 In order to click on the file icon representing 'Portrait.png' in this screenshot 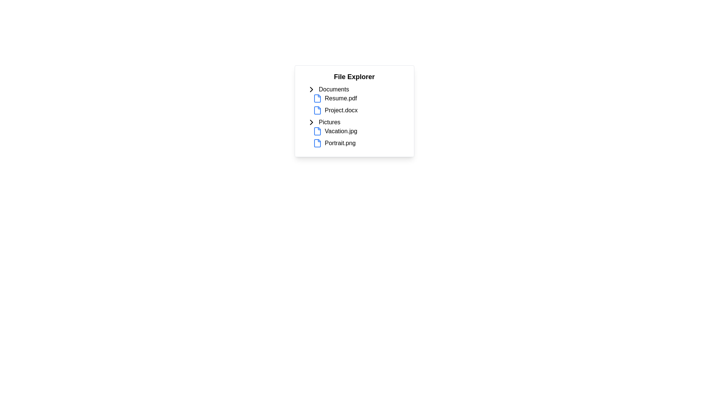, I will do `click(317, 143)`.